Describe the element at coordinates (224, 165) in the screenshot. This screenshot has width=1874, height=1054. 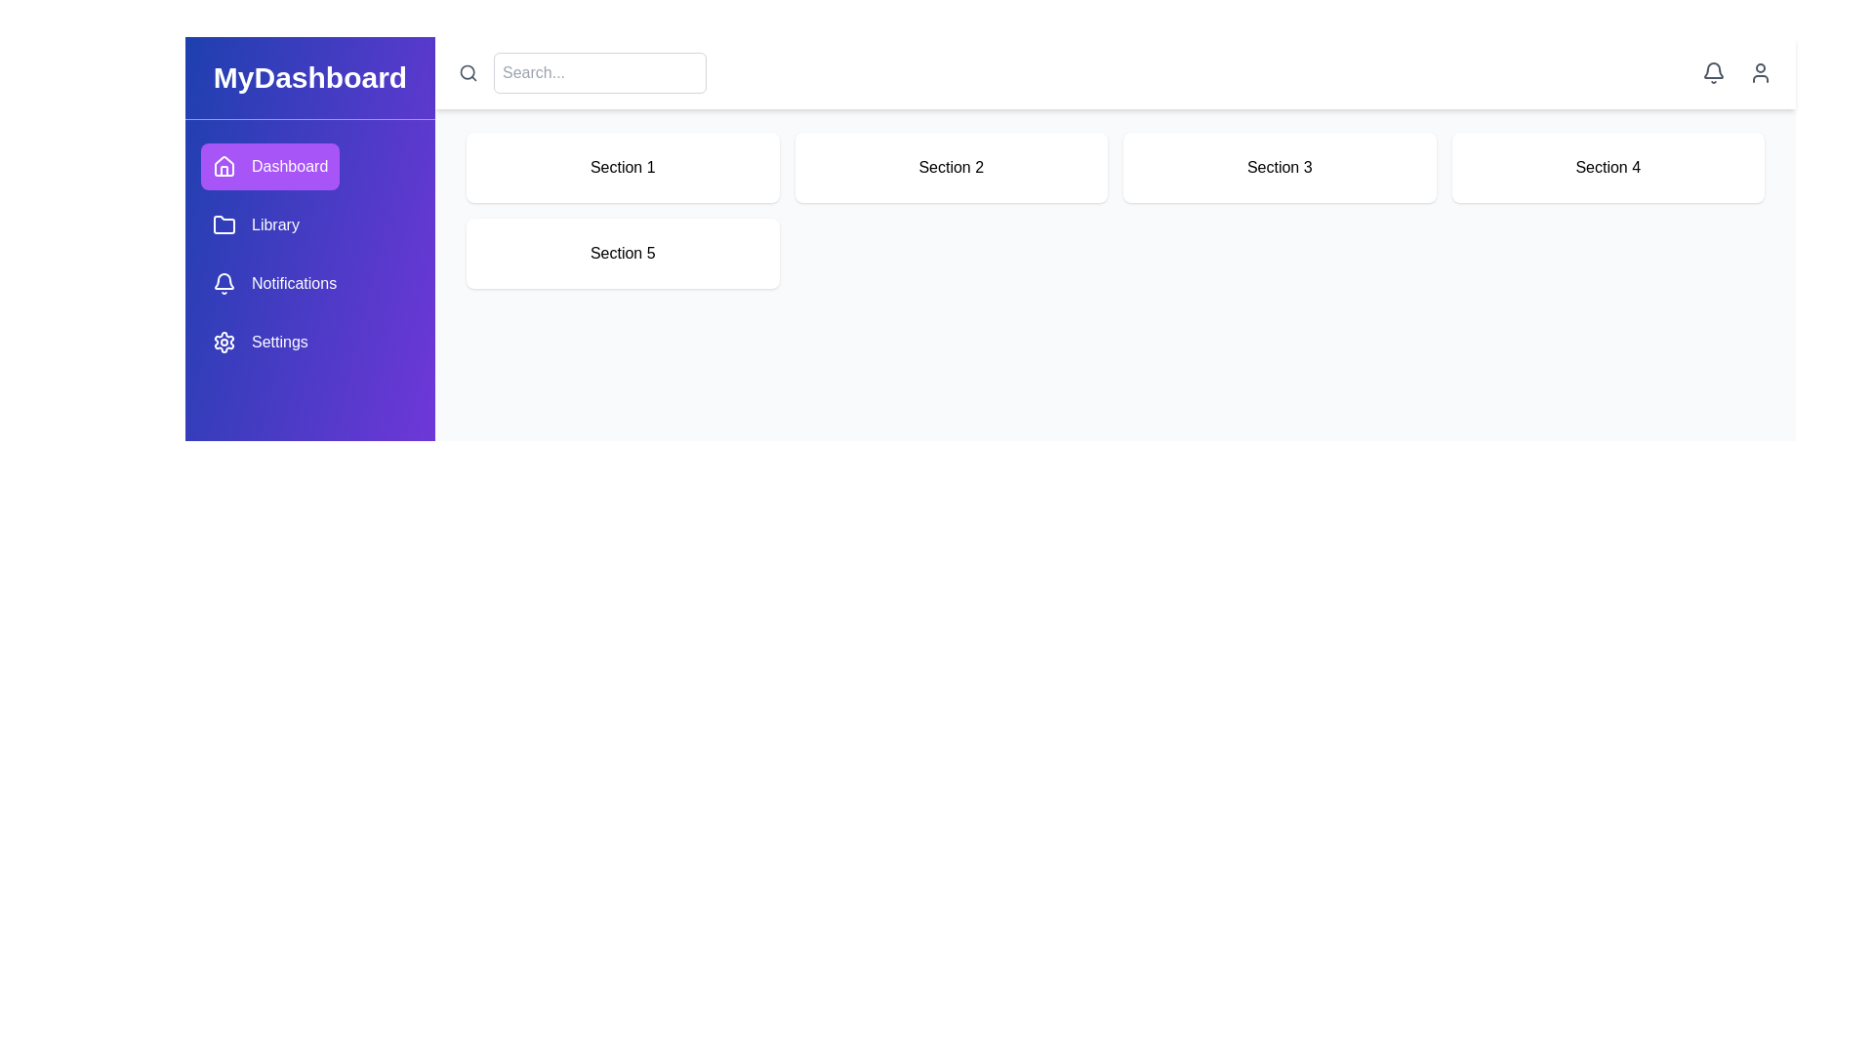
I see `the house-shaped icon located in the left navigation sidebar, which represents the home or dashboard section of the interface` at that location.